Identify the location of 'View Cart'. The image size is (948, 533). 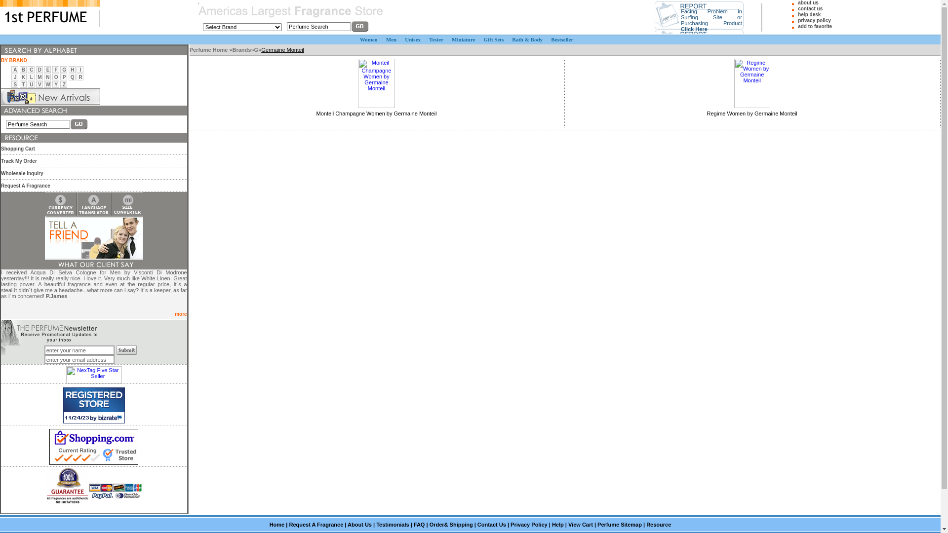
(581, 524).